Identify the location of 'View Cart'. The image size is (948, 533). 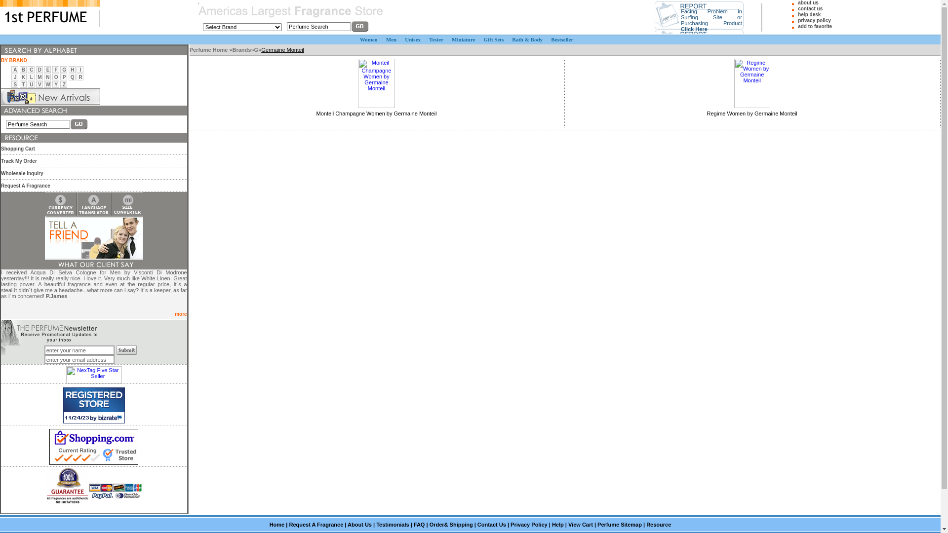
(581, 524).